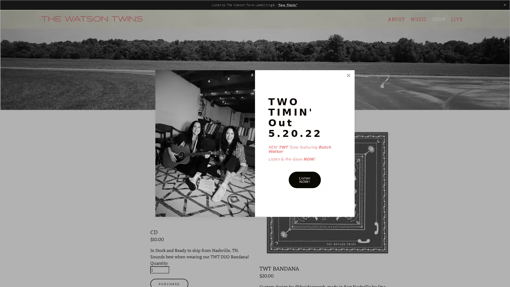  Describe the element at coordinates (504, 5) in the screenshot. I see `Close Announcement` at that location.